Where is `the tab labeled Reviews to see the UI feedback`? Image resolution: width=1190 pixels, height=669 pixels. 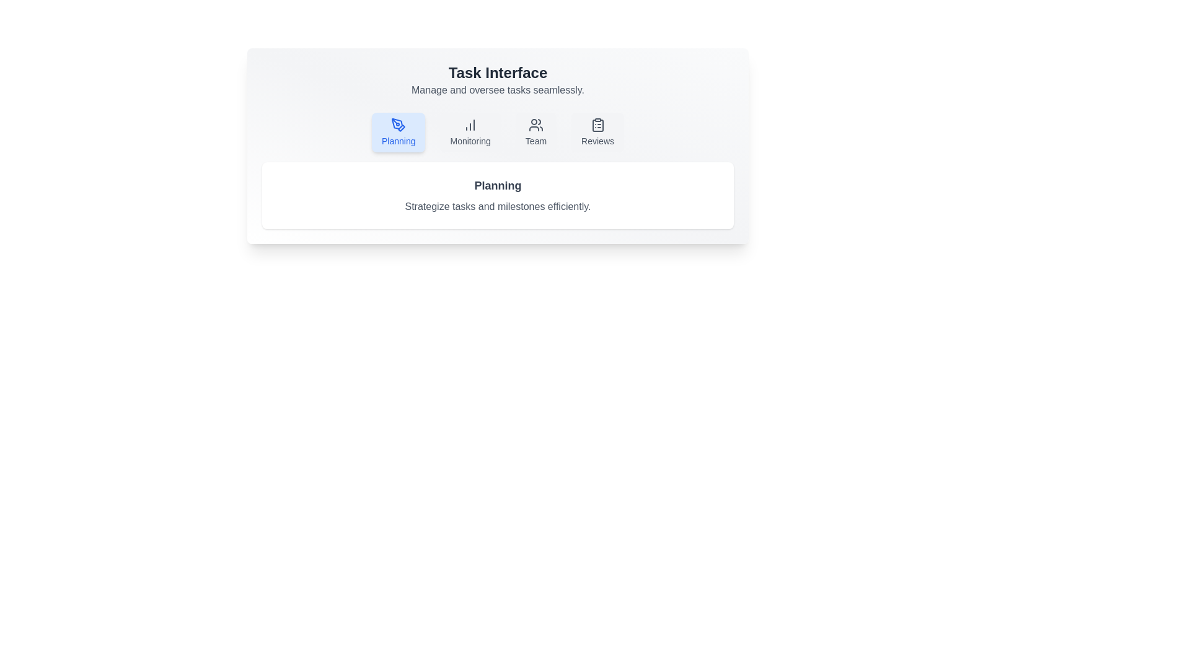 the tab labeled Reviews to see the UI feedback is located at coordinates (597, 132).